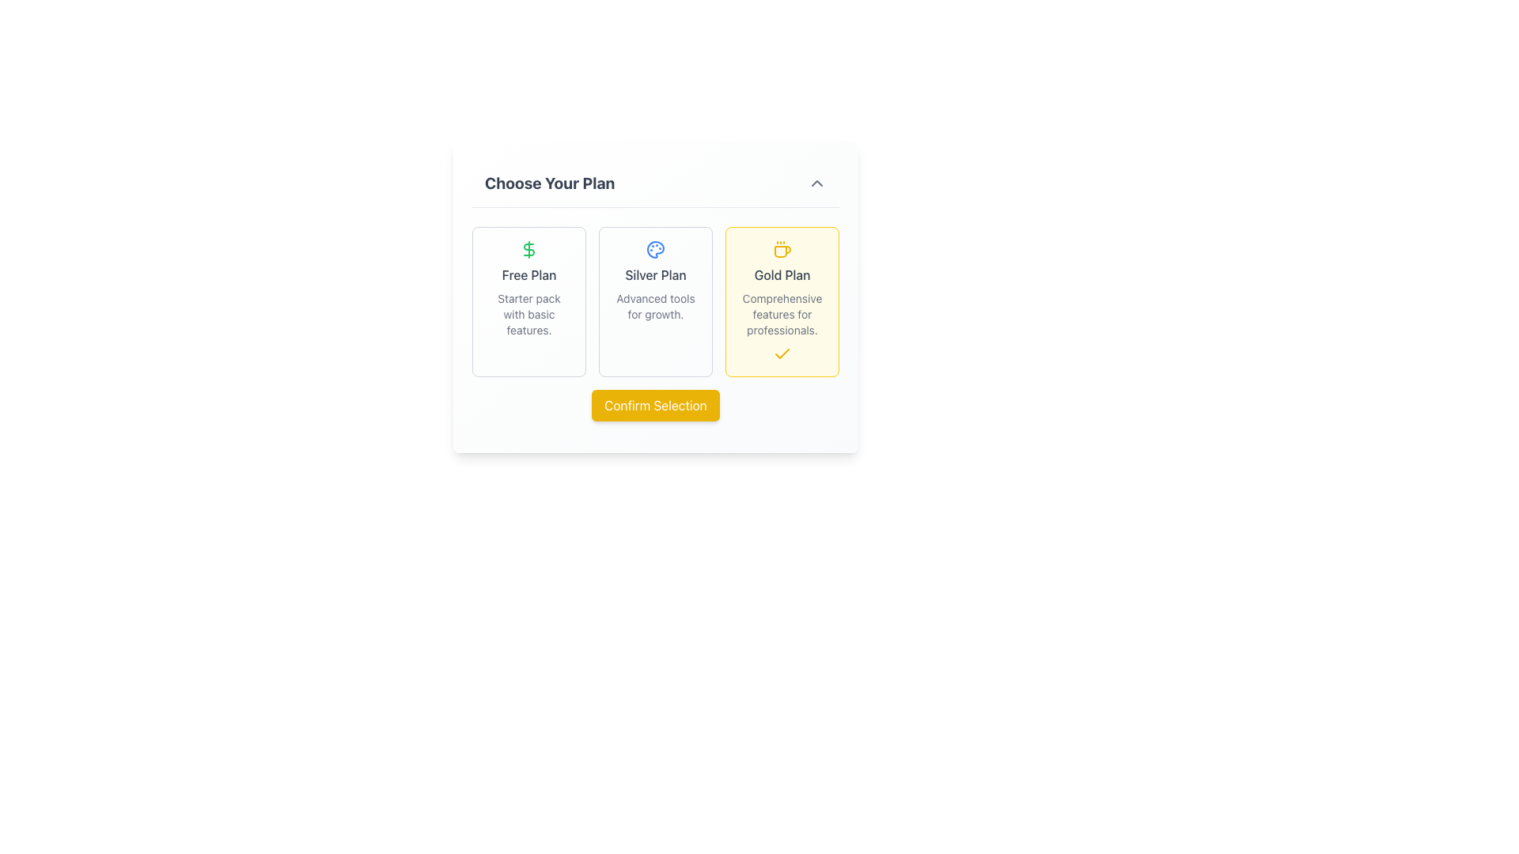 This screenshot has width=1519, height=854. What do you see at coordinates (528, 301) in the screenshot?
I see `the selectable item in the grid representing a pricing plan option` at bounding box center [528, 301].